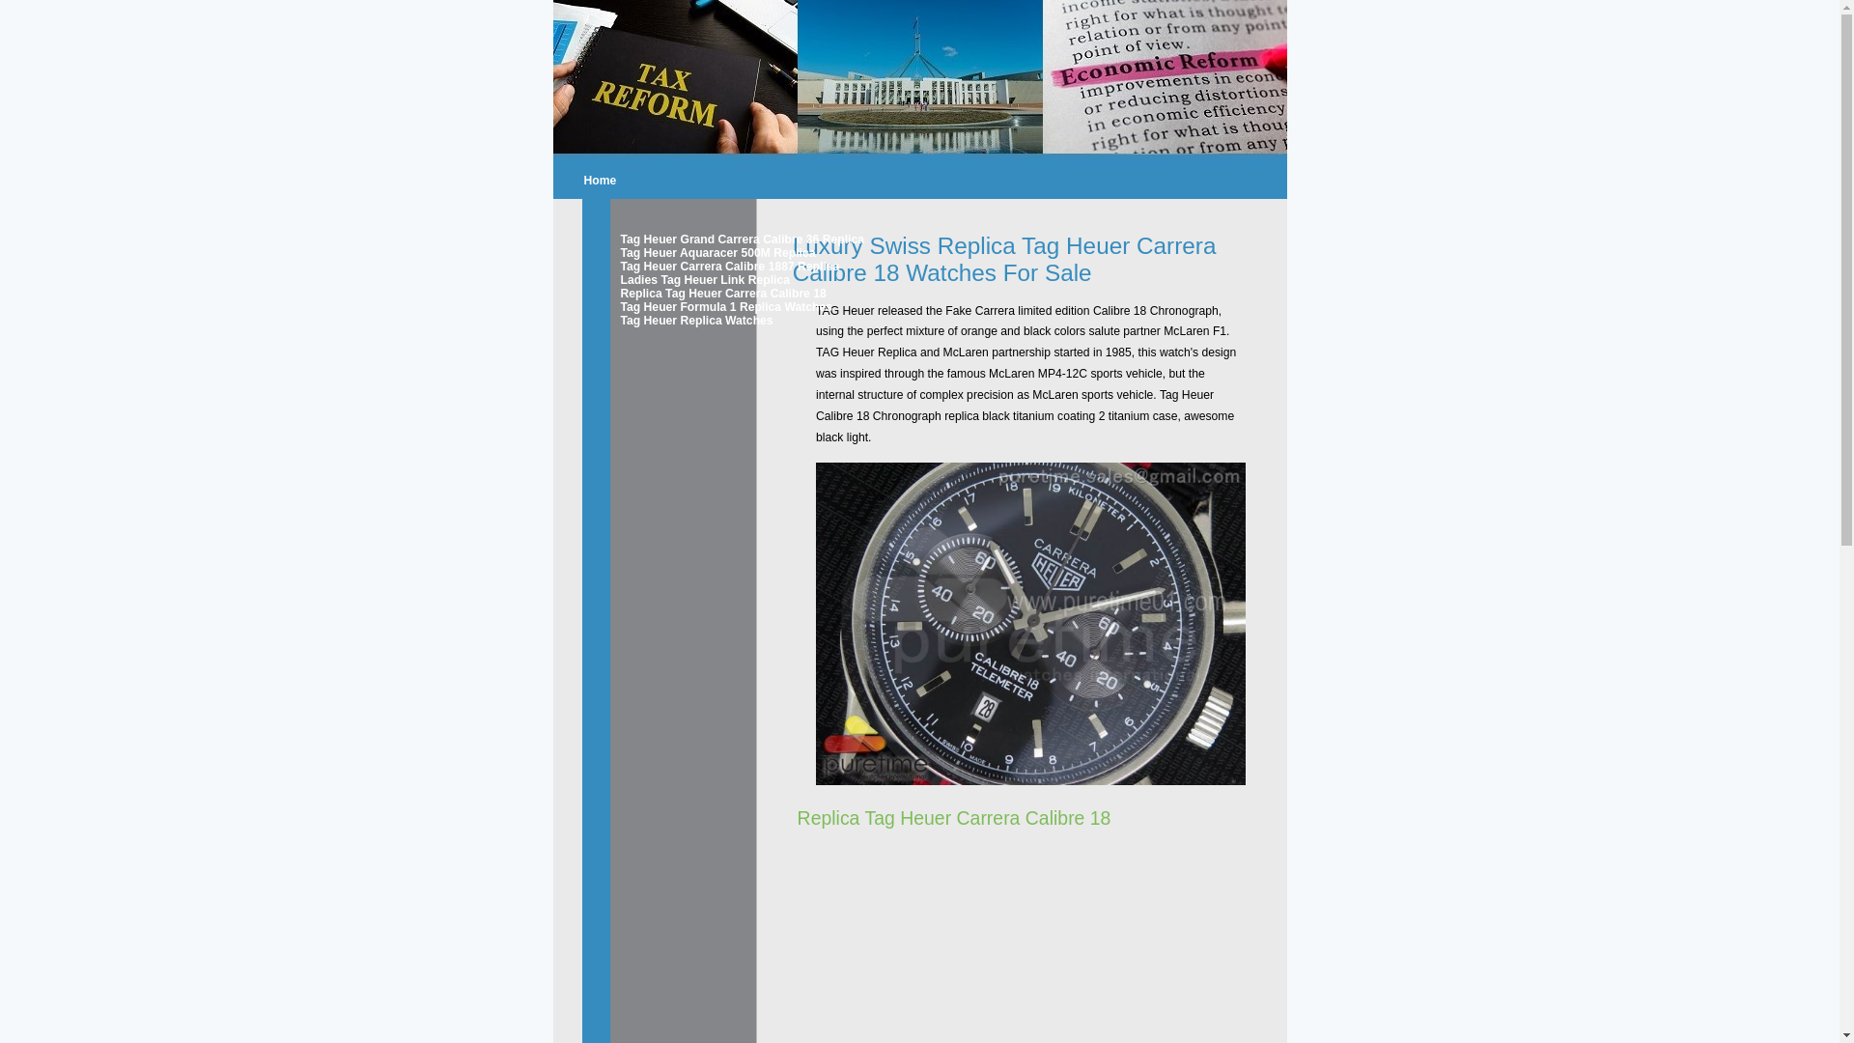  I want to click on 'Tag Heuer Formula 1 Replica Watches', so click(687, 305).